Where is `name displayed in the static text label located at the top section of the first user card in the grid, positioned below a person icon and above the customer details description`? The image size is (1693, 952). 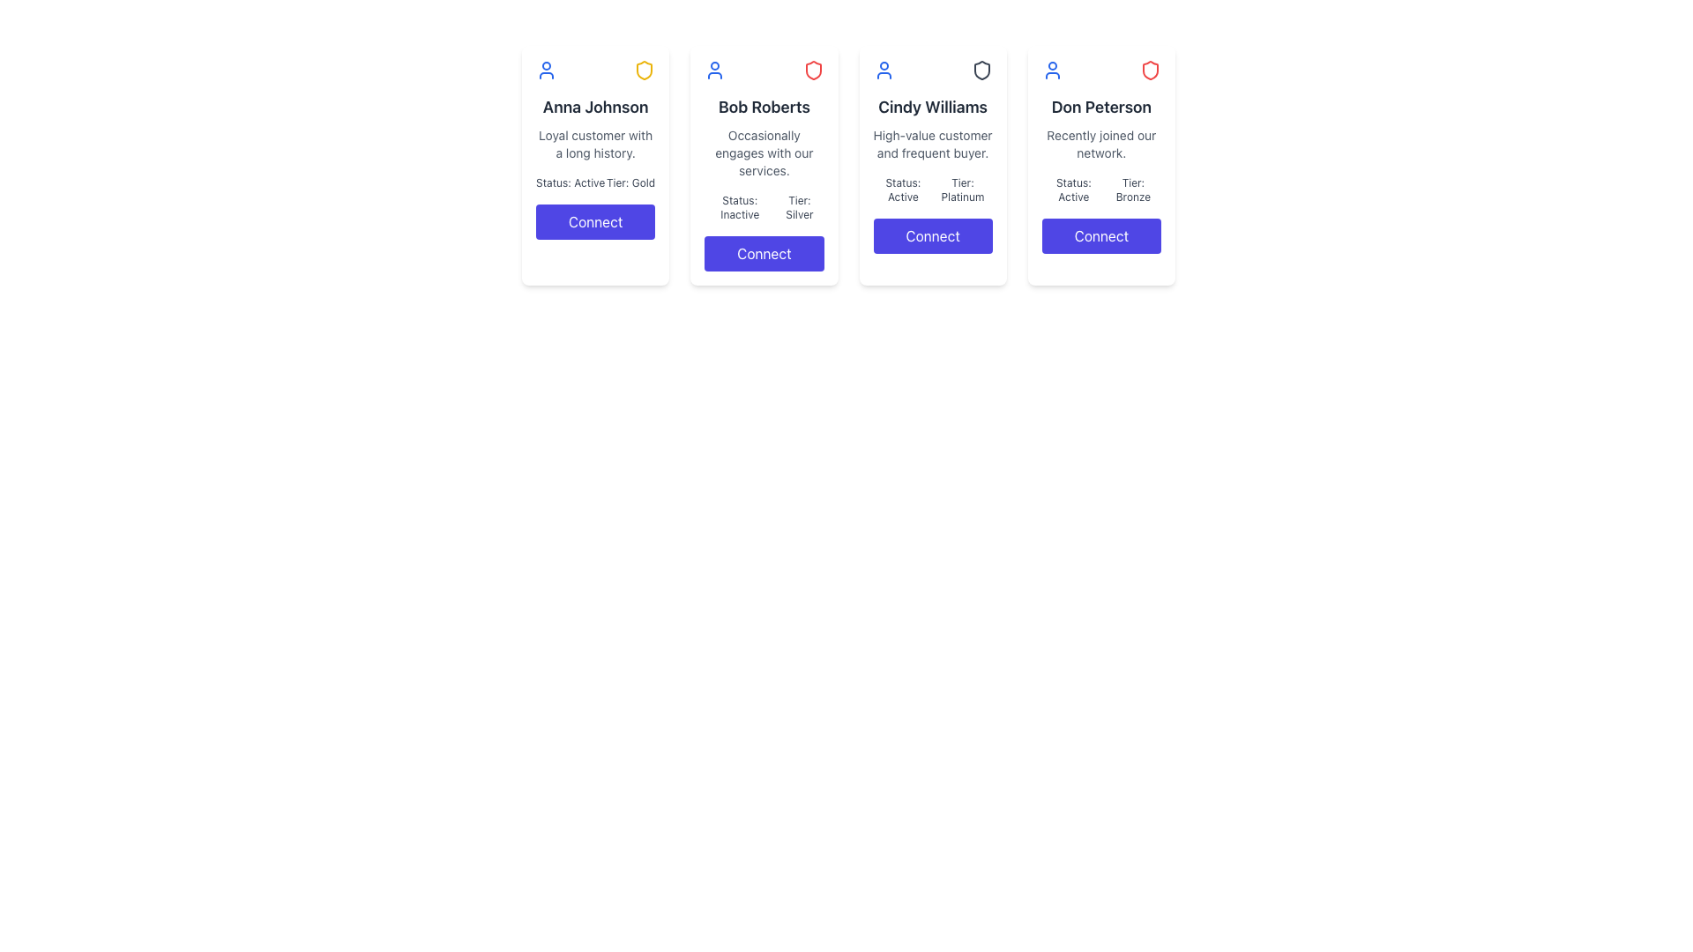
name displayed in the static text label located at the top section of the first user card in the grid, positioned below a person icon and above the customer details description is located at coordinates (595, 108).